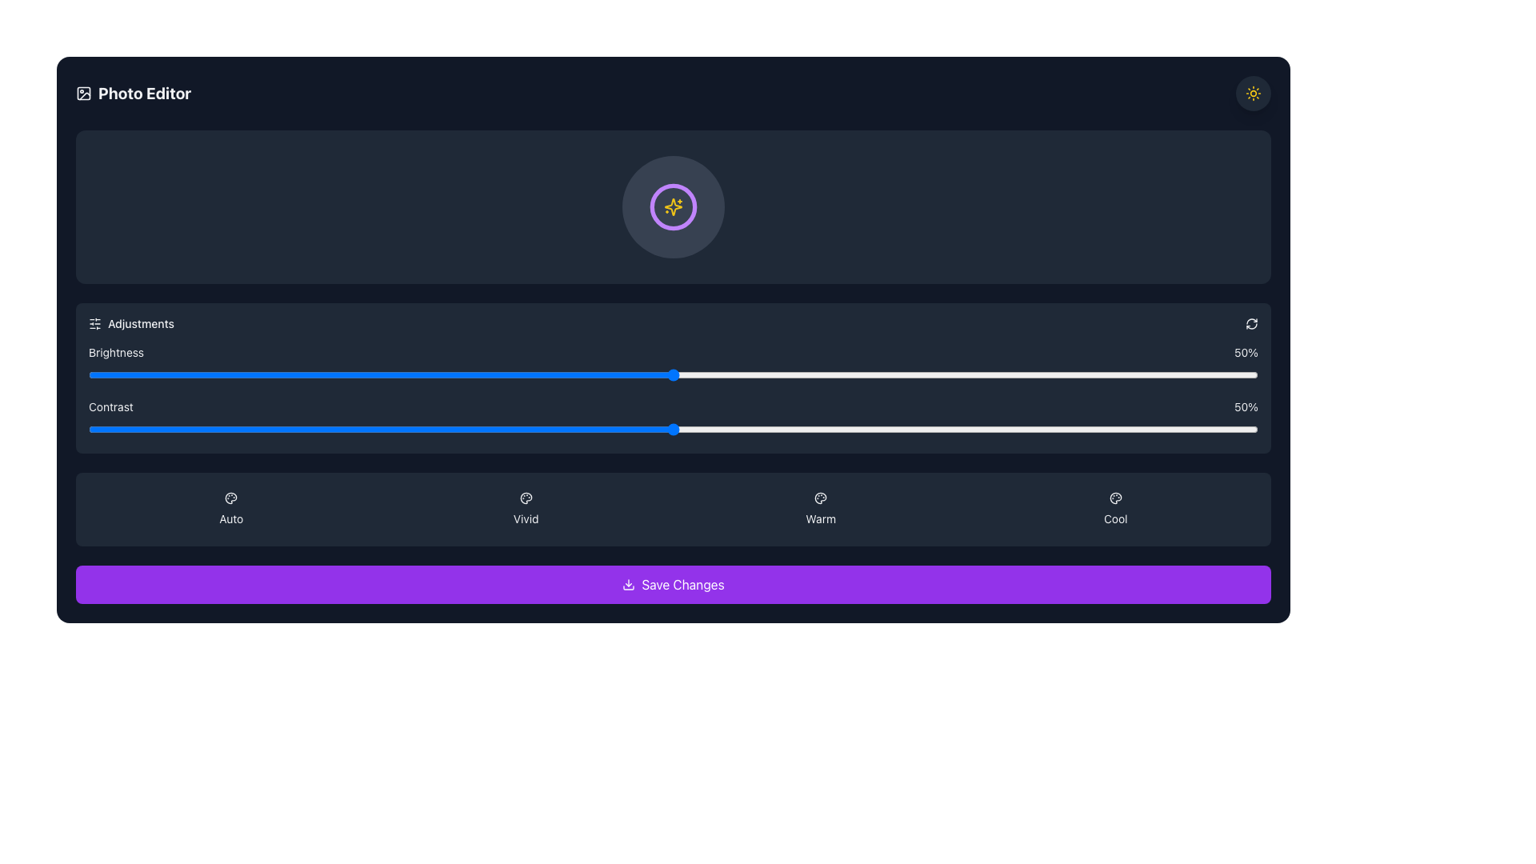  Describe the element at coordinates (673, 206) in the screenshot. I see `the star-like icon with a glowing yellow feature located in the top-right corner of the interface` at that location.